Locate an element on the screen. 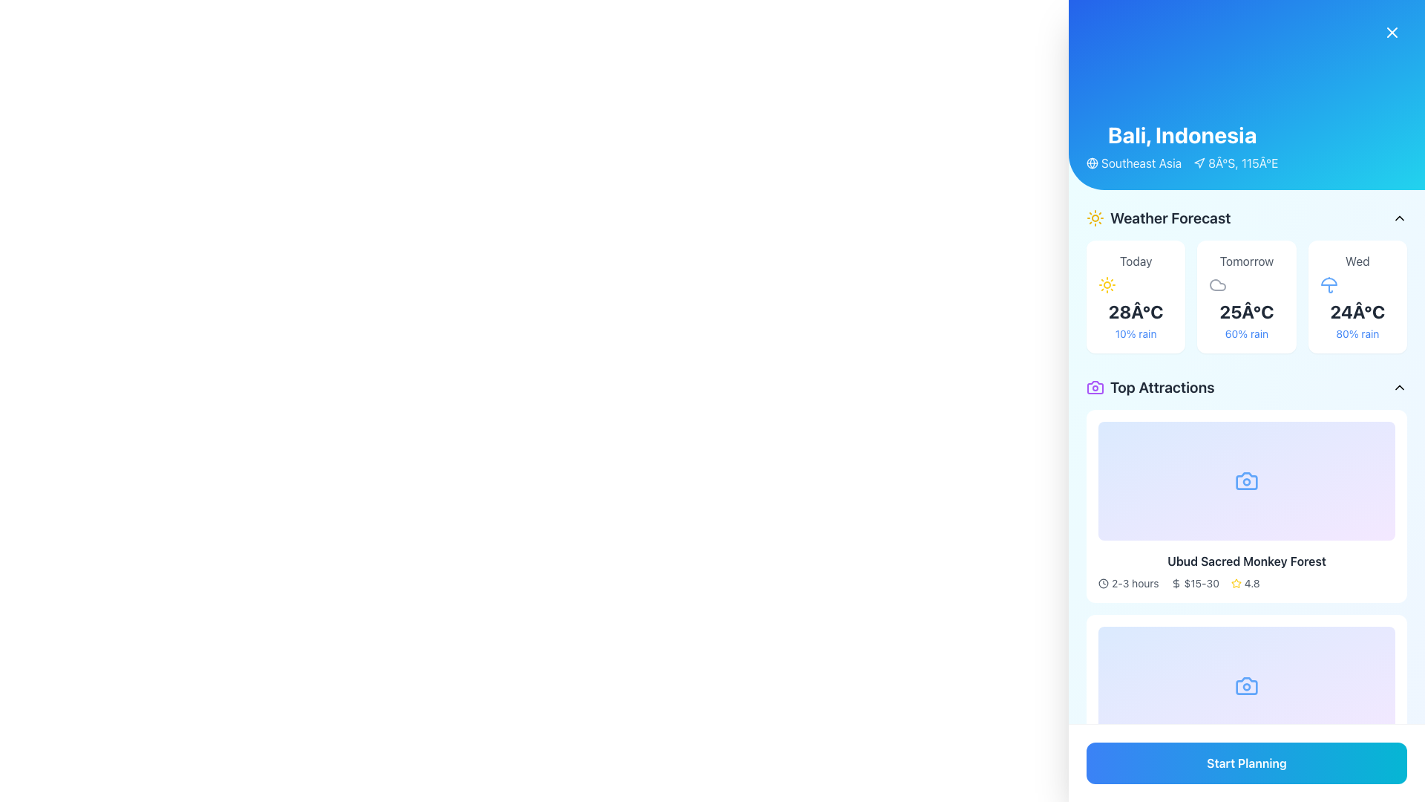  the text label displaying '28Â°C', which is prominently placed in the 'Today' card within the weather forecast section is located at coordinates (1135, 311).